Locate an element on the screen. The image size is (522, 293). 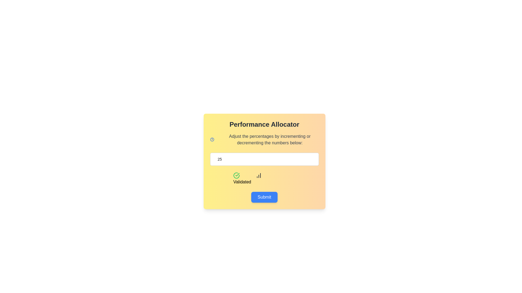
the circular help icon with a blue border and question mark, styled with the 'lucide-circle-help' class, located to the left of the input field is located at coordinates (212, 139).